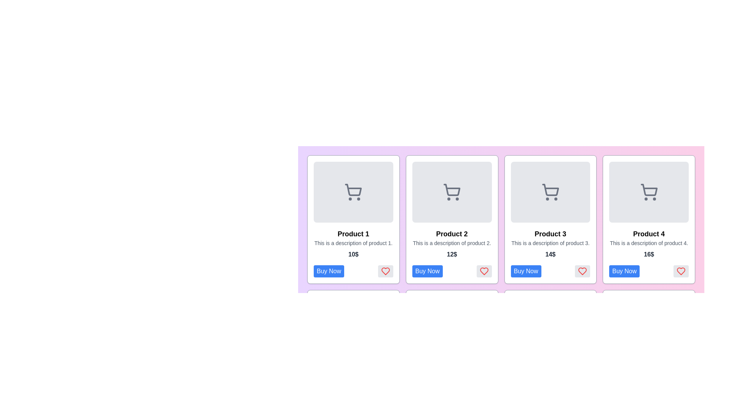 The width and height of the screenshot is (731, 411). What do you see at coordinates (525, 271) in the screenshot?
I see `the purchase button for 'Product 3' located below its description and price, which is the third button from the left in a row of four products` at bounding box center [525, 271].